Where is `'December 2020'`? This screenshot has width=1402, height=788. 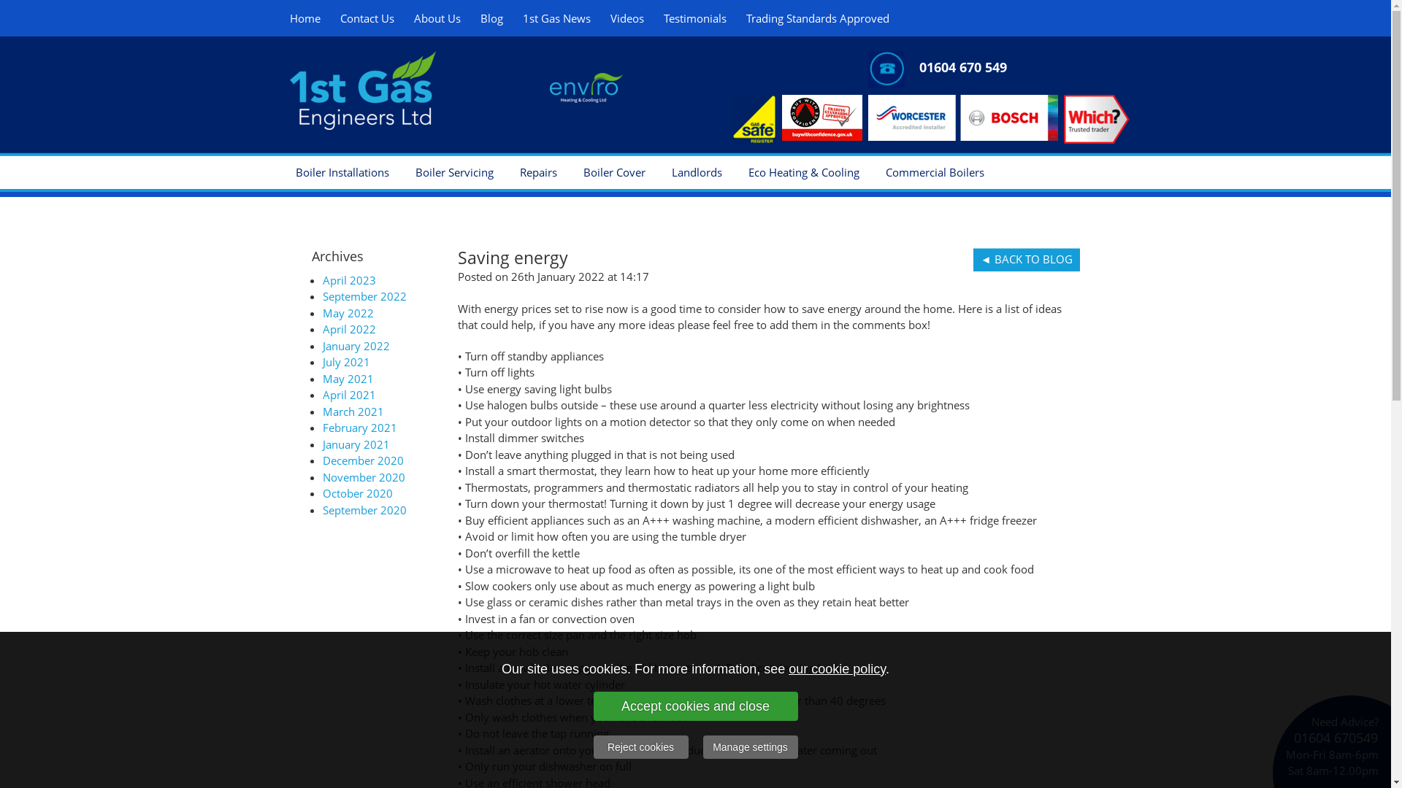 'December 2020' is located at coordinates (363, 460).